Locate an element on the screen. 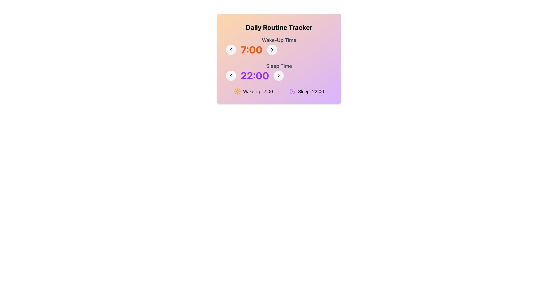 The height and width of the screenshot is (304, 541). the crescent moon icon in the 'Sleep' section of the daily routine tracker interface, which is styled with a purple fill and located to the left of the 'Sleep: 22:00' text is located at coordinates (292, 91).